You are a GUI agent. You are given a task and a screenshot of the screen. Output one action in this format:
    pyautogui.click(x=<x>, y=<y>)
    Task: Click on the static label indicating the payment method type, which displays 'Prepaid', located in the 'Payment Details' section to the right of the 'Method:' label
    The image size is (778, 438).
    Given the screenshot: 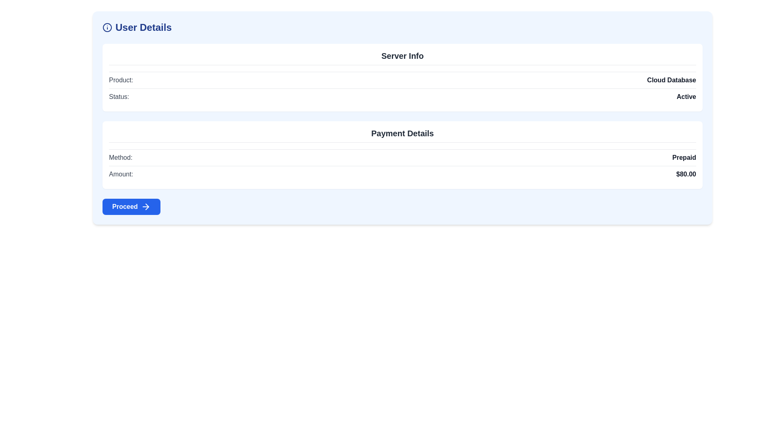 What is the action you would take?
    pyautogui.click(x=684, y=158)
    